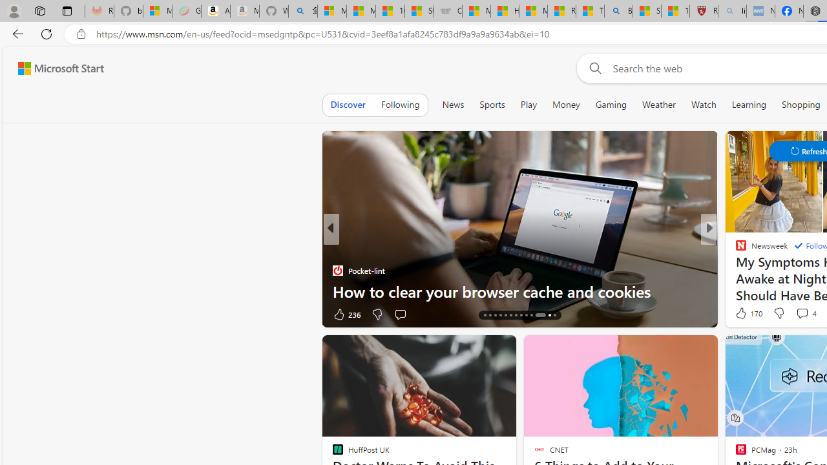 This screenshot has height=465, width=827. Describe the element at coordinates (703, 104) in the screenshot. I see `'Watch'` at that location.